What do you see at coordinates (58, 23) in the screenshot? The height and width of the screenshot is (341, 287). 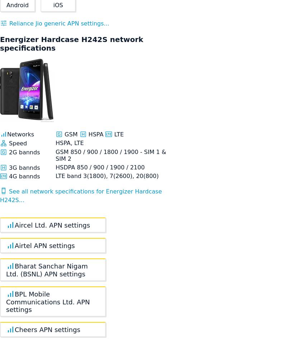 I see `'Reliance Jio generic APN settings...'` at bounding box center [58, 23].